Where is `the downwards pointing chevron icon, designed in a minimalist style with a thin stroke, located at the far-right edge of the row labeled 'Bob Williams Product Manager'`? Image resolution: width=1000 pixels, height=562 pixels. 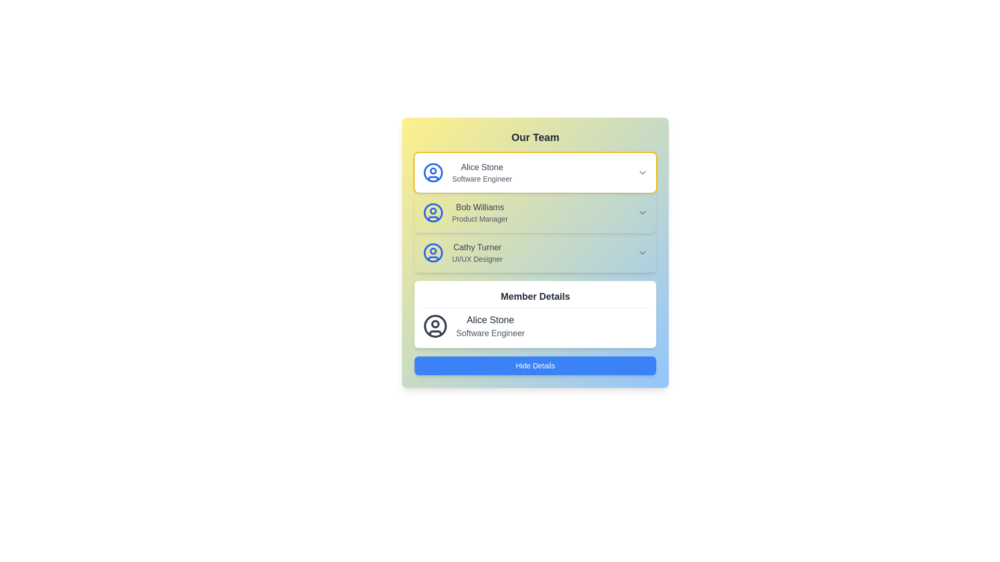 the downwards pointing chevron icon, designed in a minimalist style with a thin stroke, located at the far-right edge of the row labeled 'Bob Williams Product Manager' is located at coordinates (642, 212).